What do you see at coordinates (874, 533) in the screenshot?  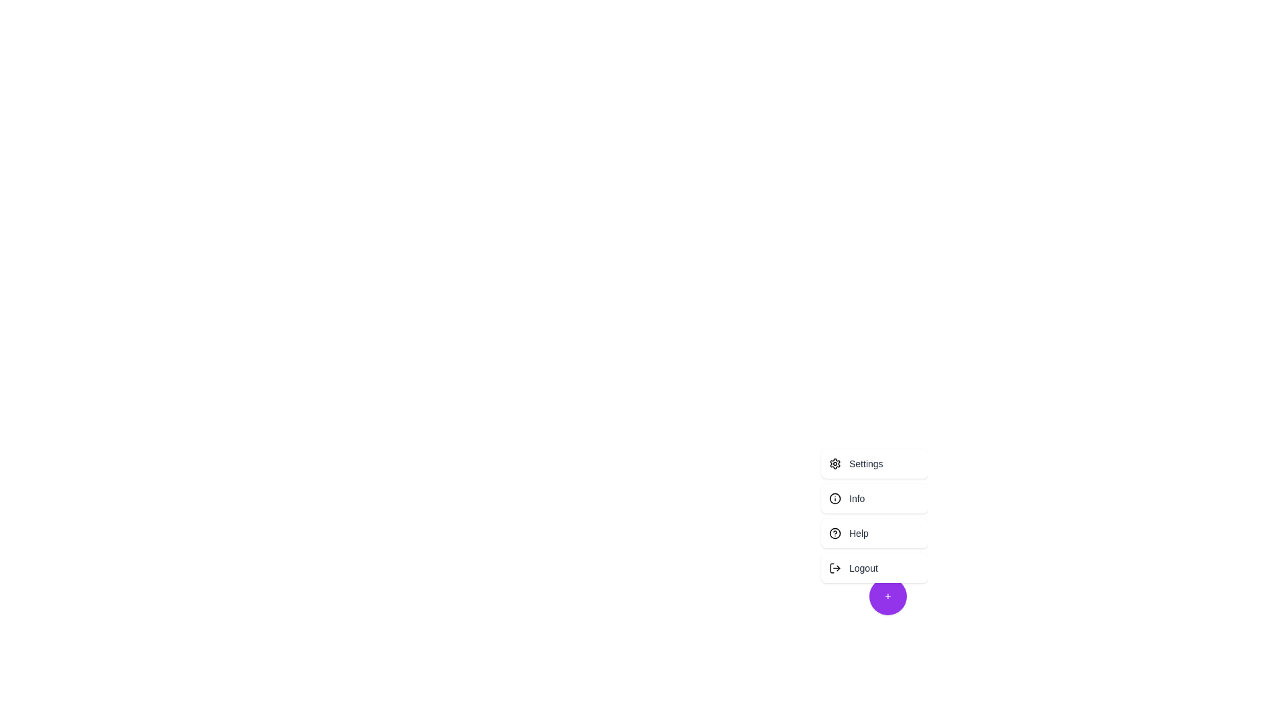 I see `the menu option Help to highlight it` at bounding box center [874, 533].